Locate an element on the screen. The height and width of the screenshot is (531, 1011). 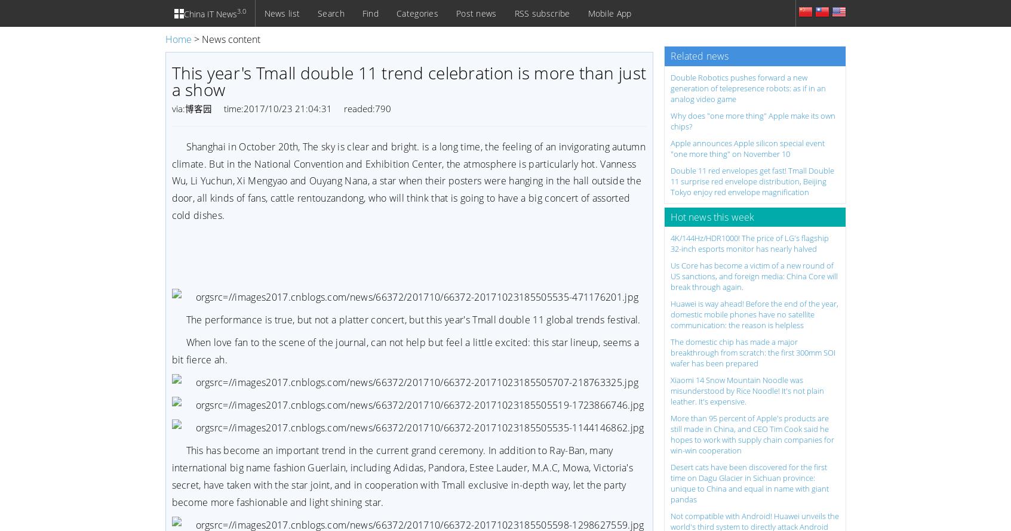
'Huawei is way ahead! Before the end of the year, domestic mobile phones have no satellite communication: the reason is helpless' is located at coordinates (669, 313).